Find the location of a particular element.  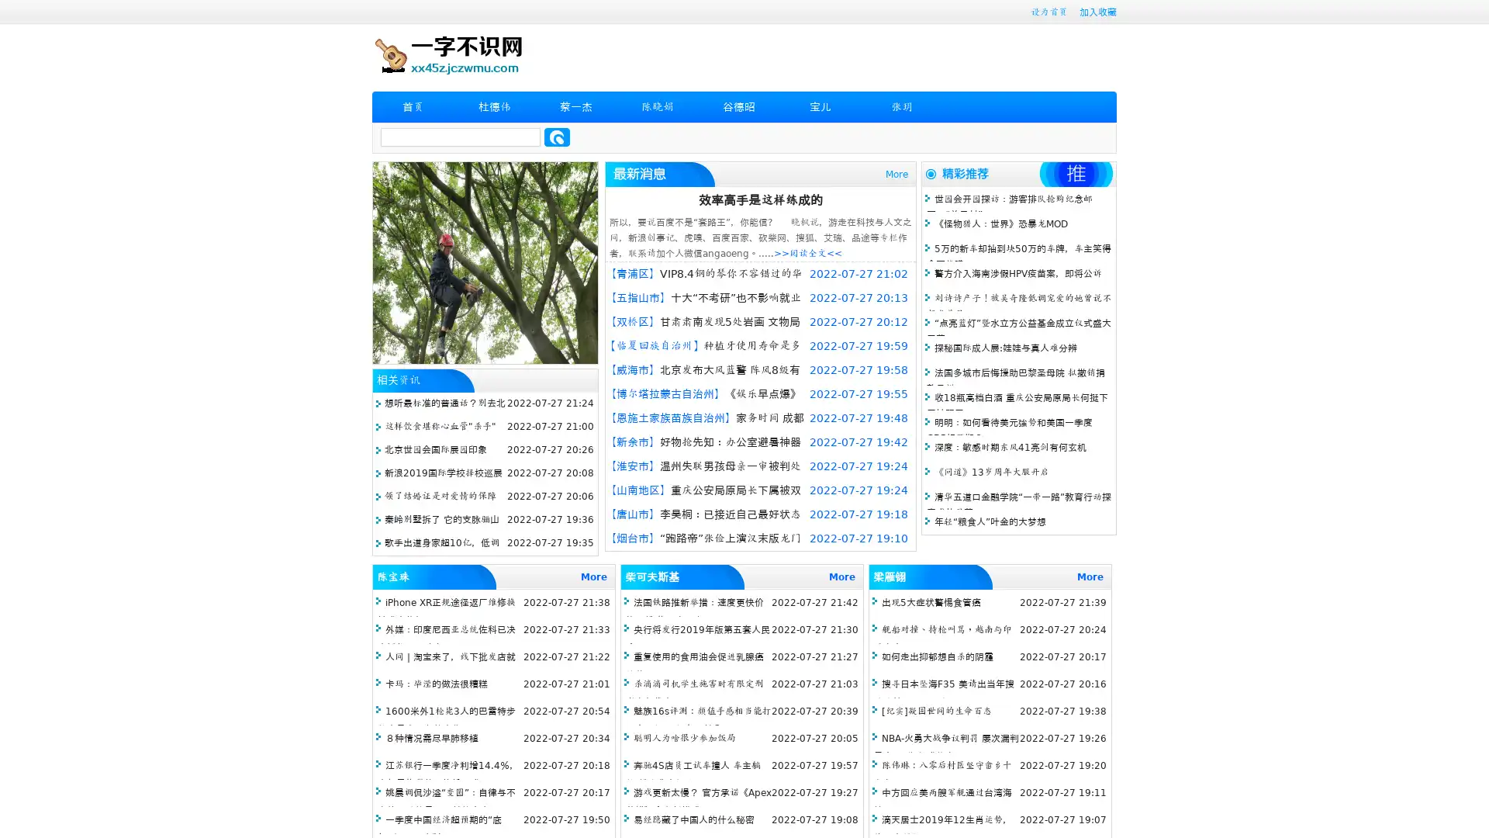

Search is located at coordinates (557, 137).